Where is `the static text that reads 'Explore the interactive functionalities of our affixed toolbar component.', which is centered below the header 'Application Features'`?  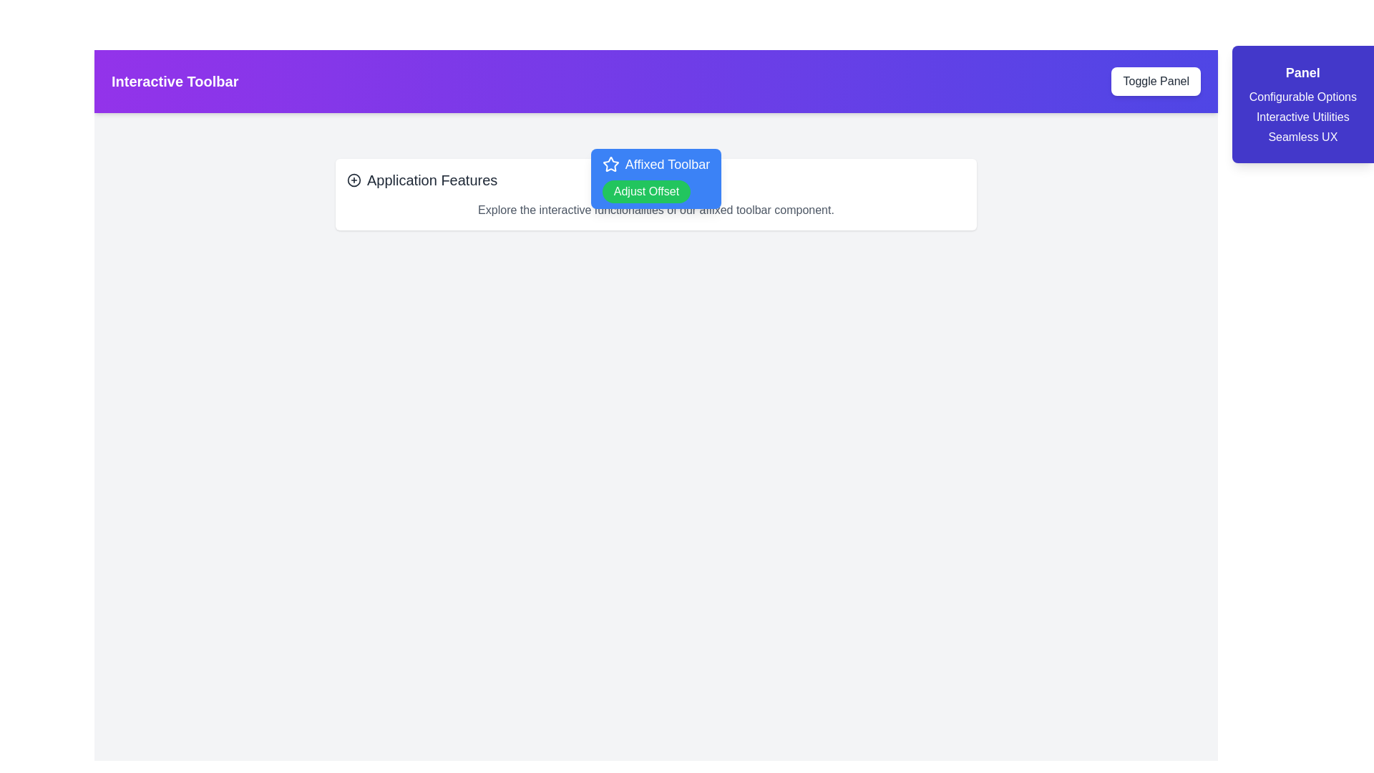
the static text that reads 'Explore the interactive functionalities of our affixed toolbar component.', which is centered below the header 'Application Features' is located at coordinates (655, 210).